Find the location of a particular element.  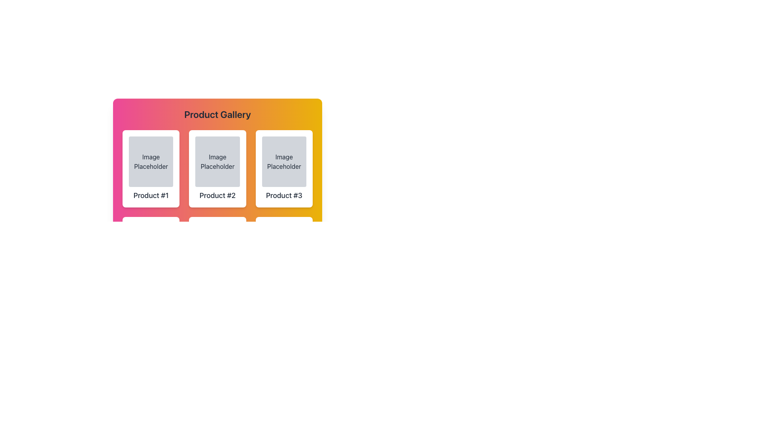

a product card in the grid layout of the 'Product Gallery' section is located at coordinates (217, 211).